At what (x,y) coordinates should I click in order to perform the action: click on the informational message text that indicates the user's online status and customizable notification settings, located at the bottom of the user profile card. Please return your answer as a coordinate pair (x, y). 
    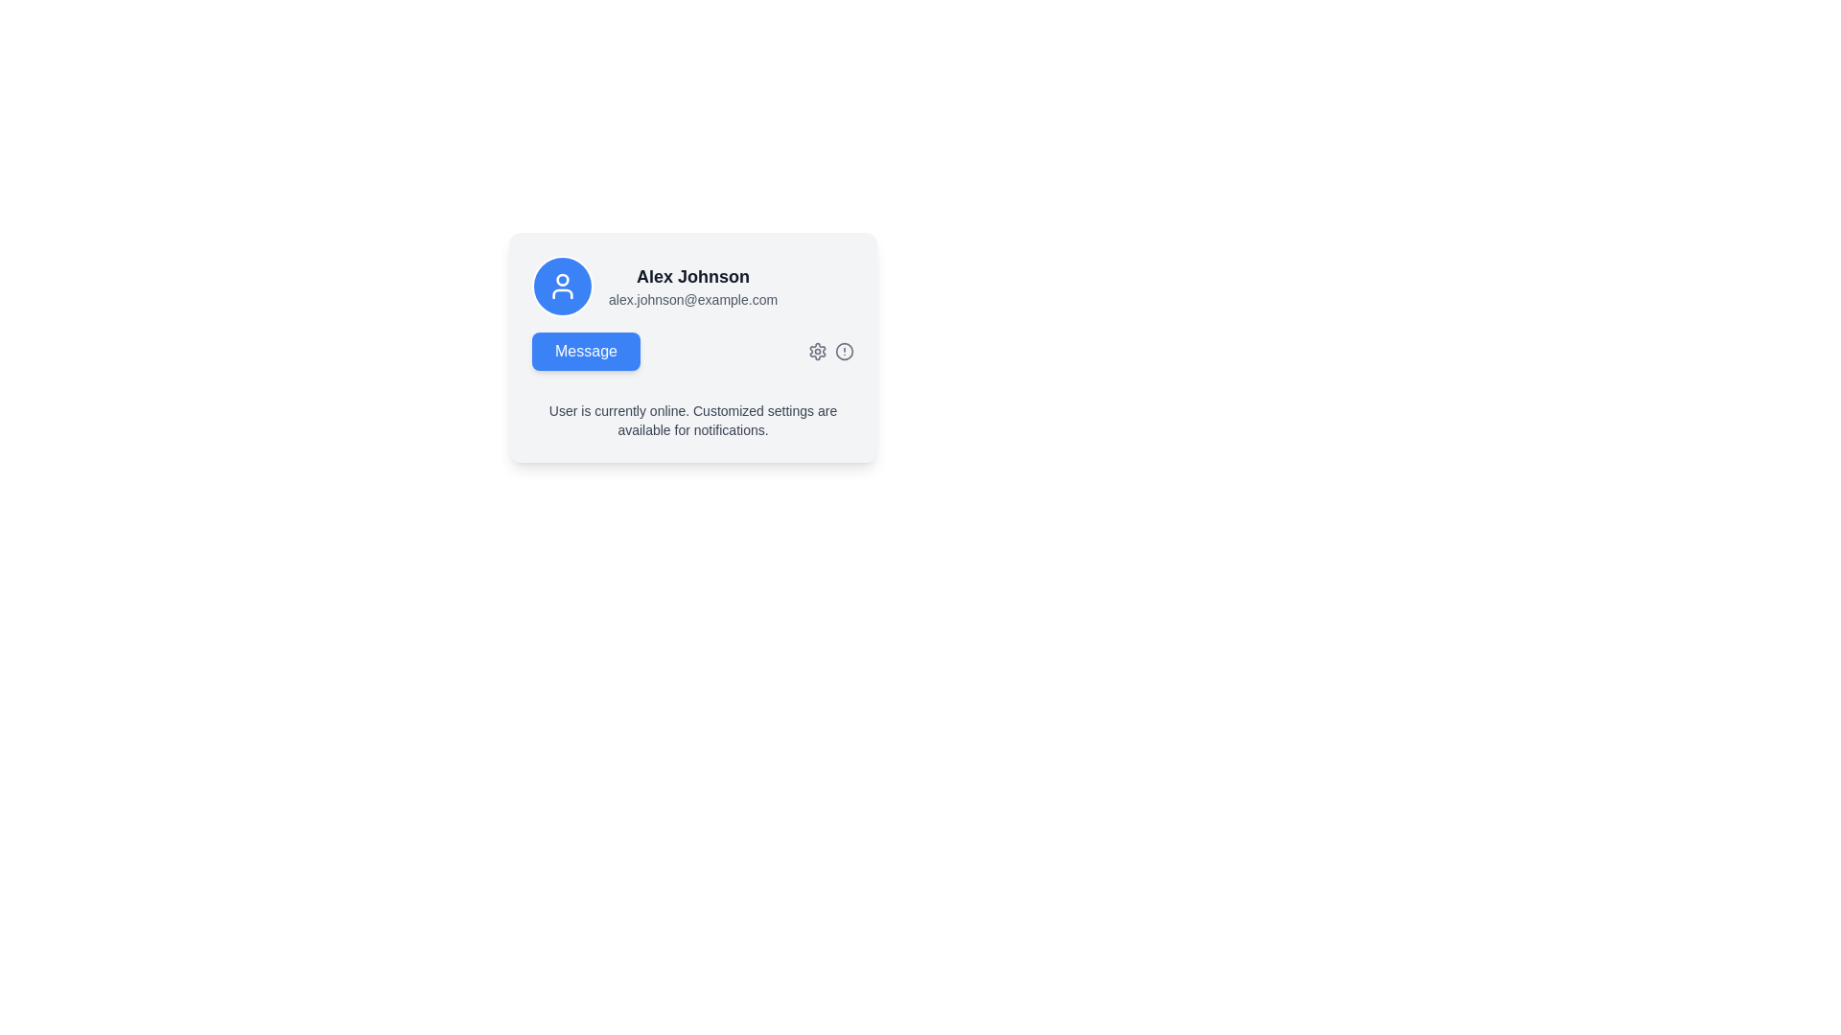
    Looking at the image, I should click on (692, 420).